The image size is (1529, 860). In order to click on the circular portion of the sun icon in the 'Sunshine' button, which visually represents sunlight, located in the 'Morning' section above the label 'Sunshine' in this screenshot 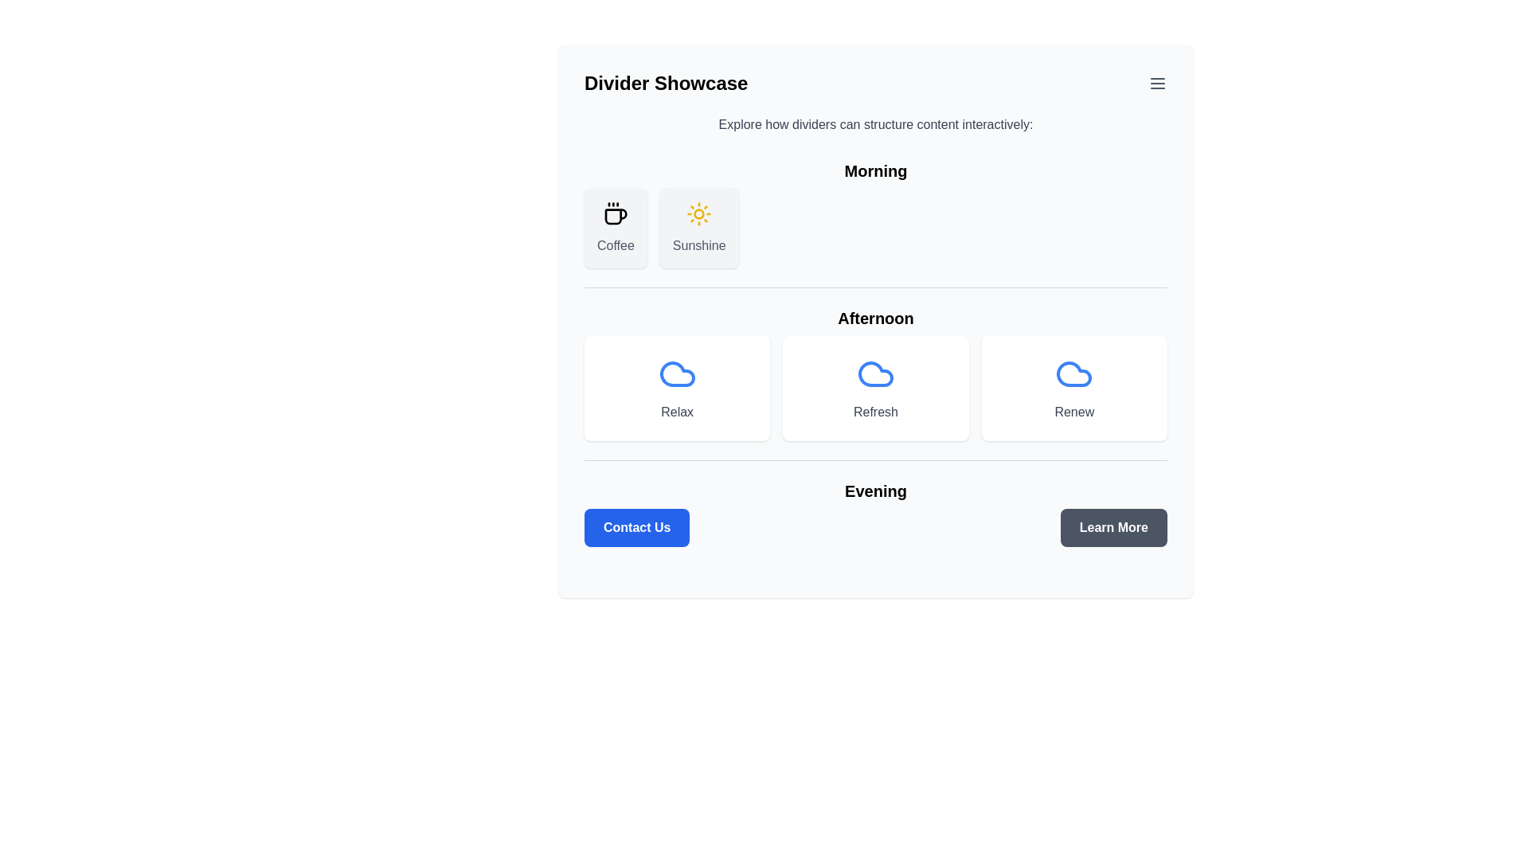, I will do `click(699, 213)`.